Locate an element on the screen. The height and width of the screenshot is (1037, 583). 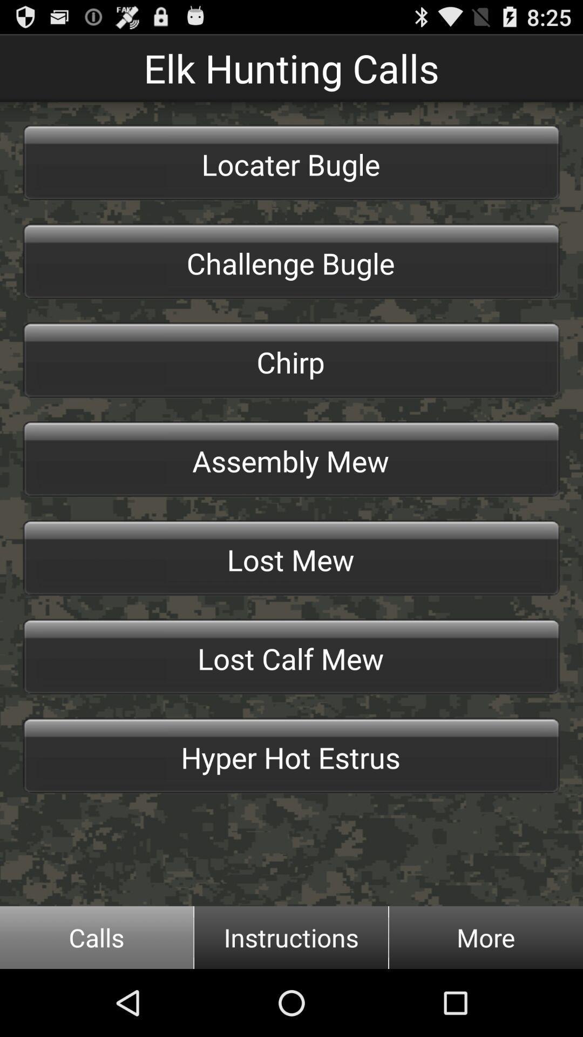
item below the locater bugle is located at coordinates (291, 261).